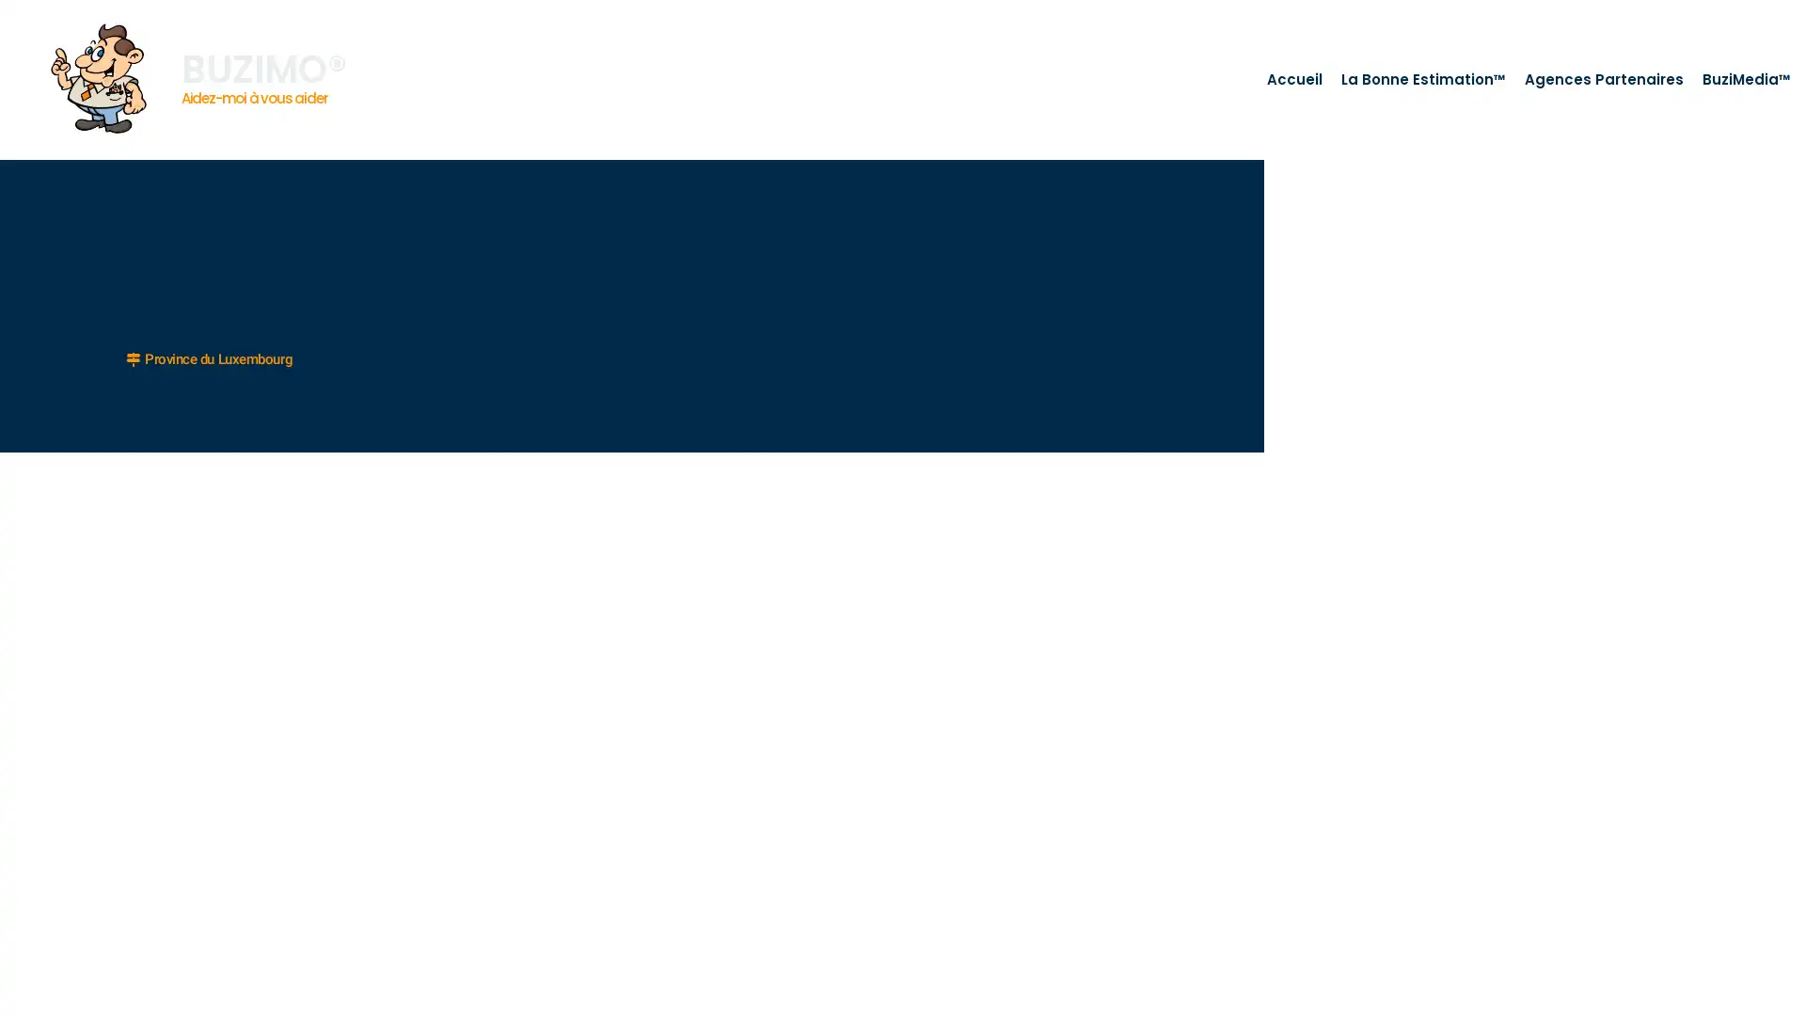 The image size is (1806, 1016). Describe the element at coordinates (209, 358) in the screenshot. I see `Province du Luxembourg` at that location.